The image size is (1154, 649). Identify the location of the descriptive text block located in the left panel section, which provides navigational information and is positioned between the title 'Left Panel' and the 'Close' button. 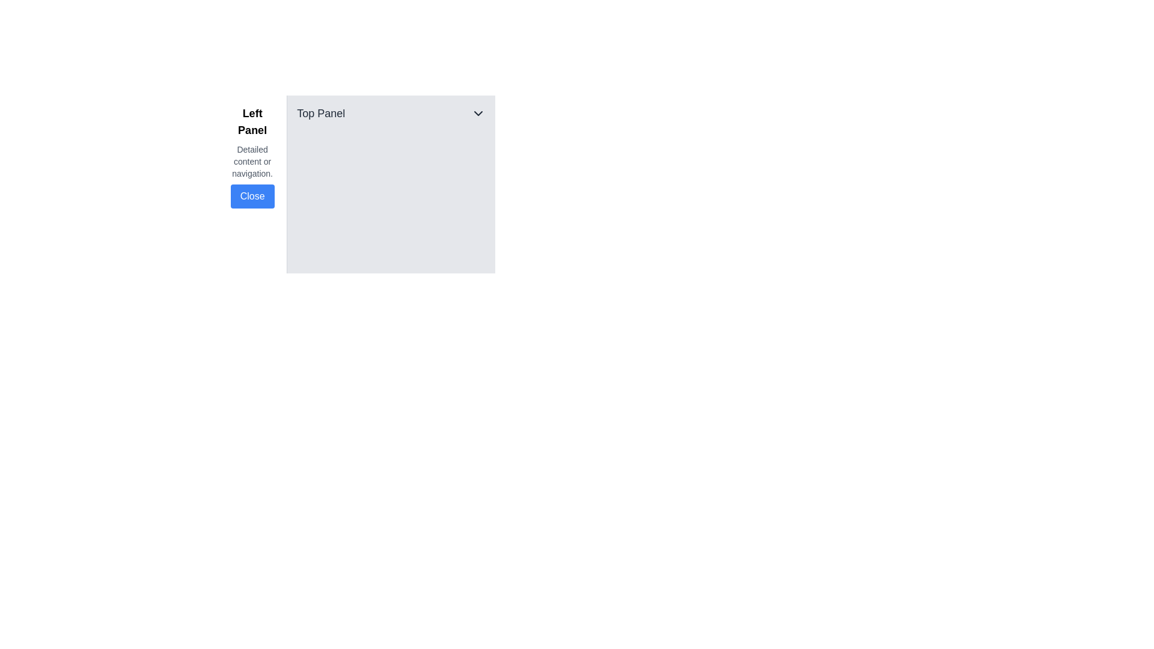
(252, 161).